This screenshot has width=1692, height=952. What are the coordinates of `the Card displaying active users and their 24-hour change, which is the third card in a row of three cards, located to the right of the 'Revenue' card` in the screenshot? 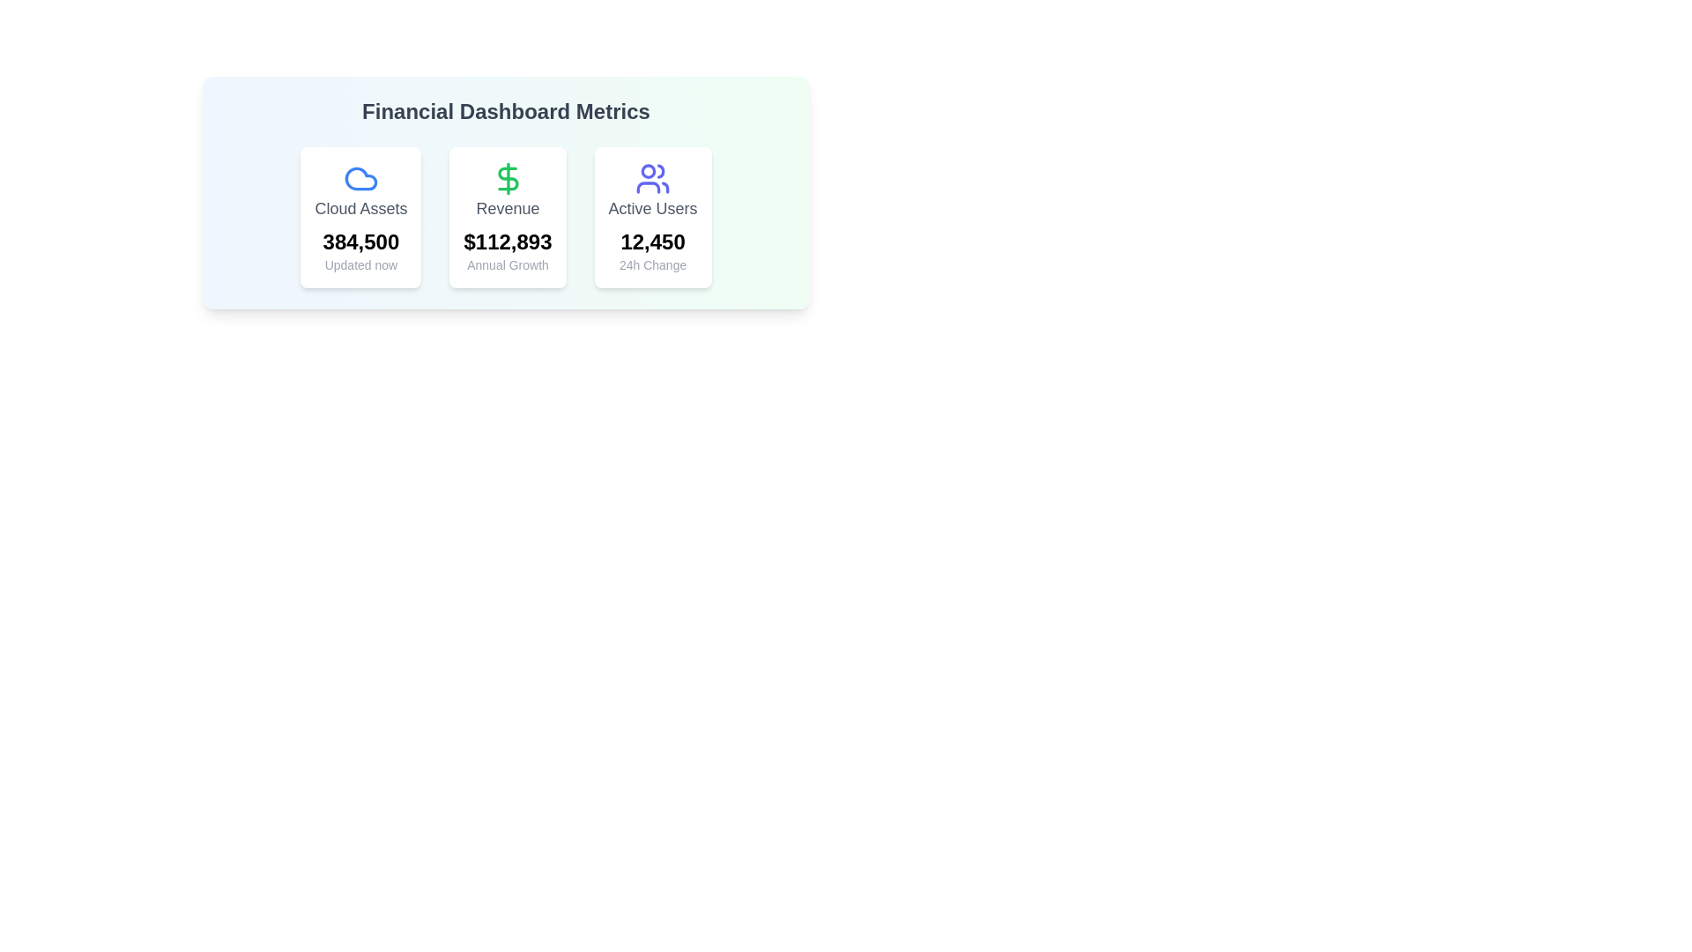 It's located at (652, 216).